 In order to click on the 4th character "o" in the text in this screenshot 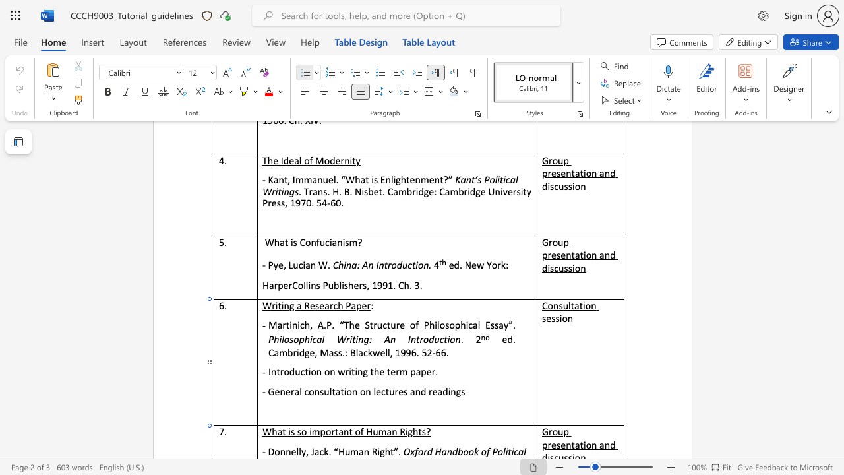, I will do `click(452, 339)`.